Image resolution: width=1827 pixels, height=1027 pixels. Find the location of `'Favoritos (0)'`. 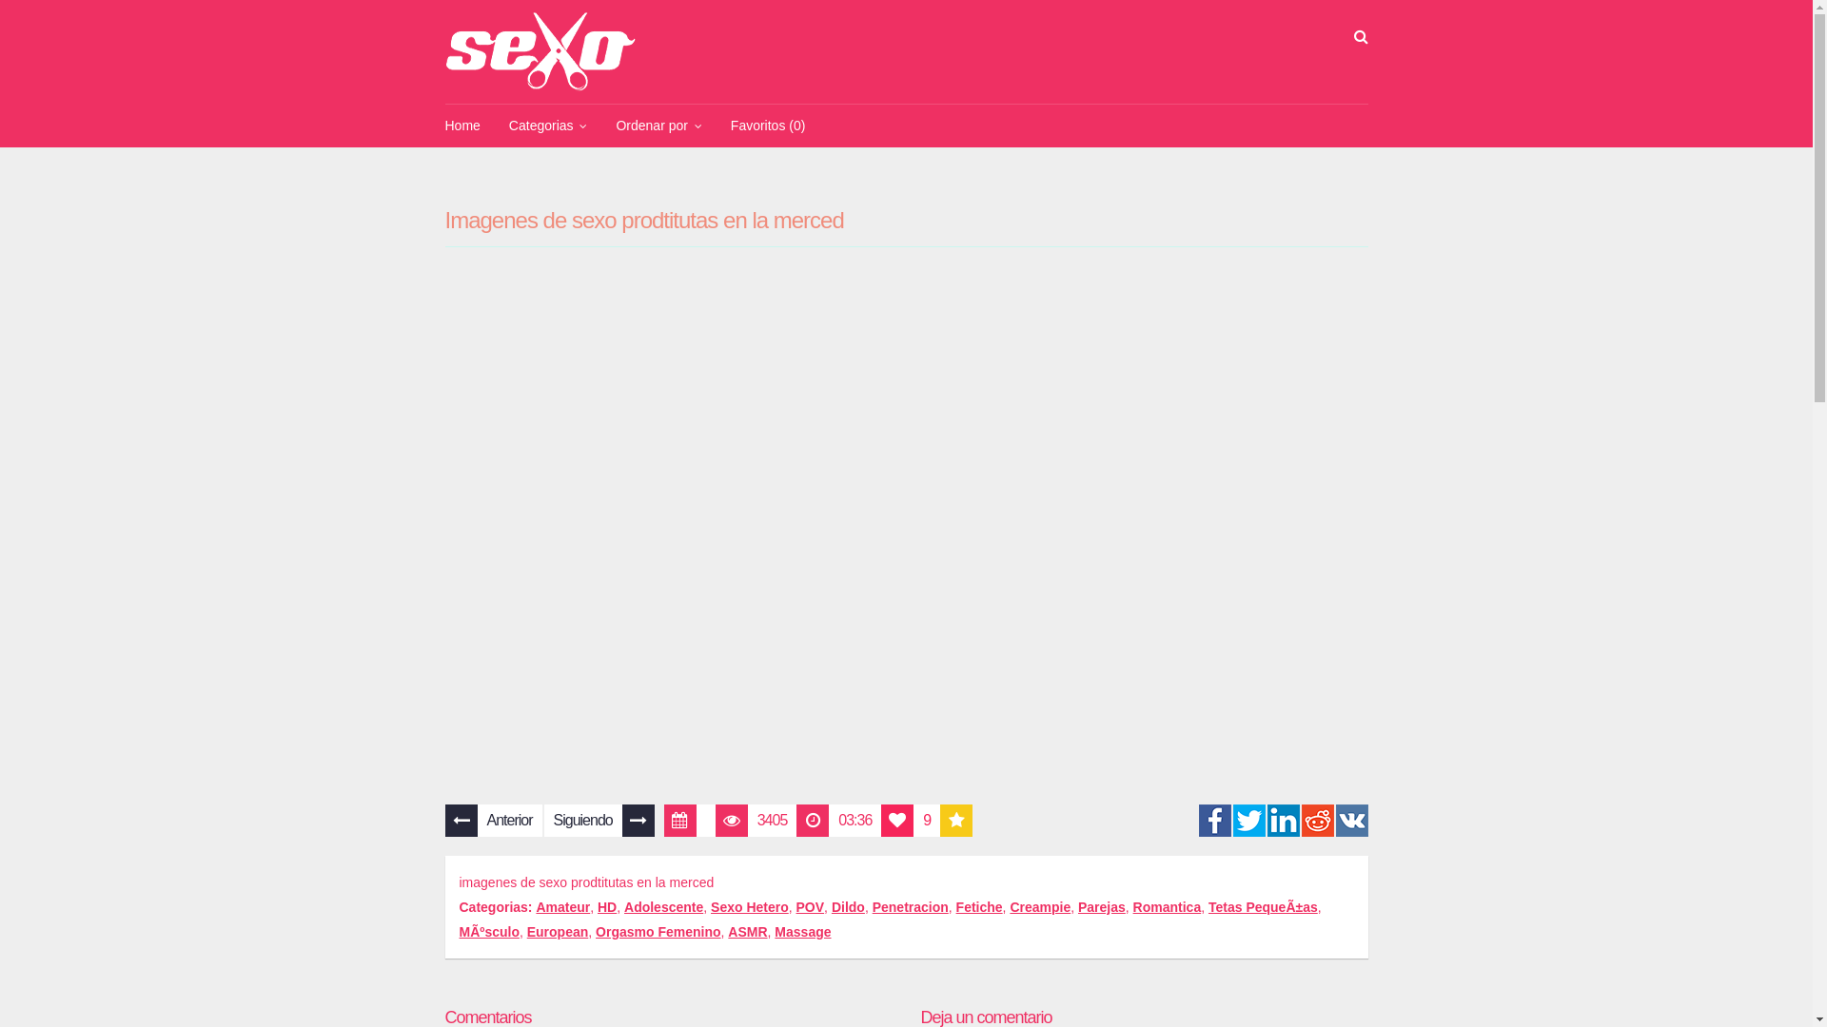

'Favoritos (0)' is located at coordinates (768, 126).